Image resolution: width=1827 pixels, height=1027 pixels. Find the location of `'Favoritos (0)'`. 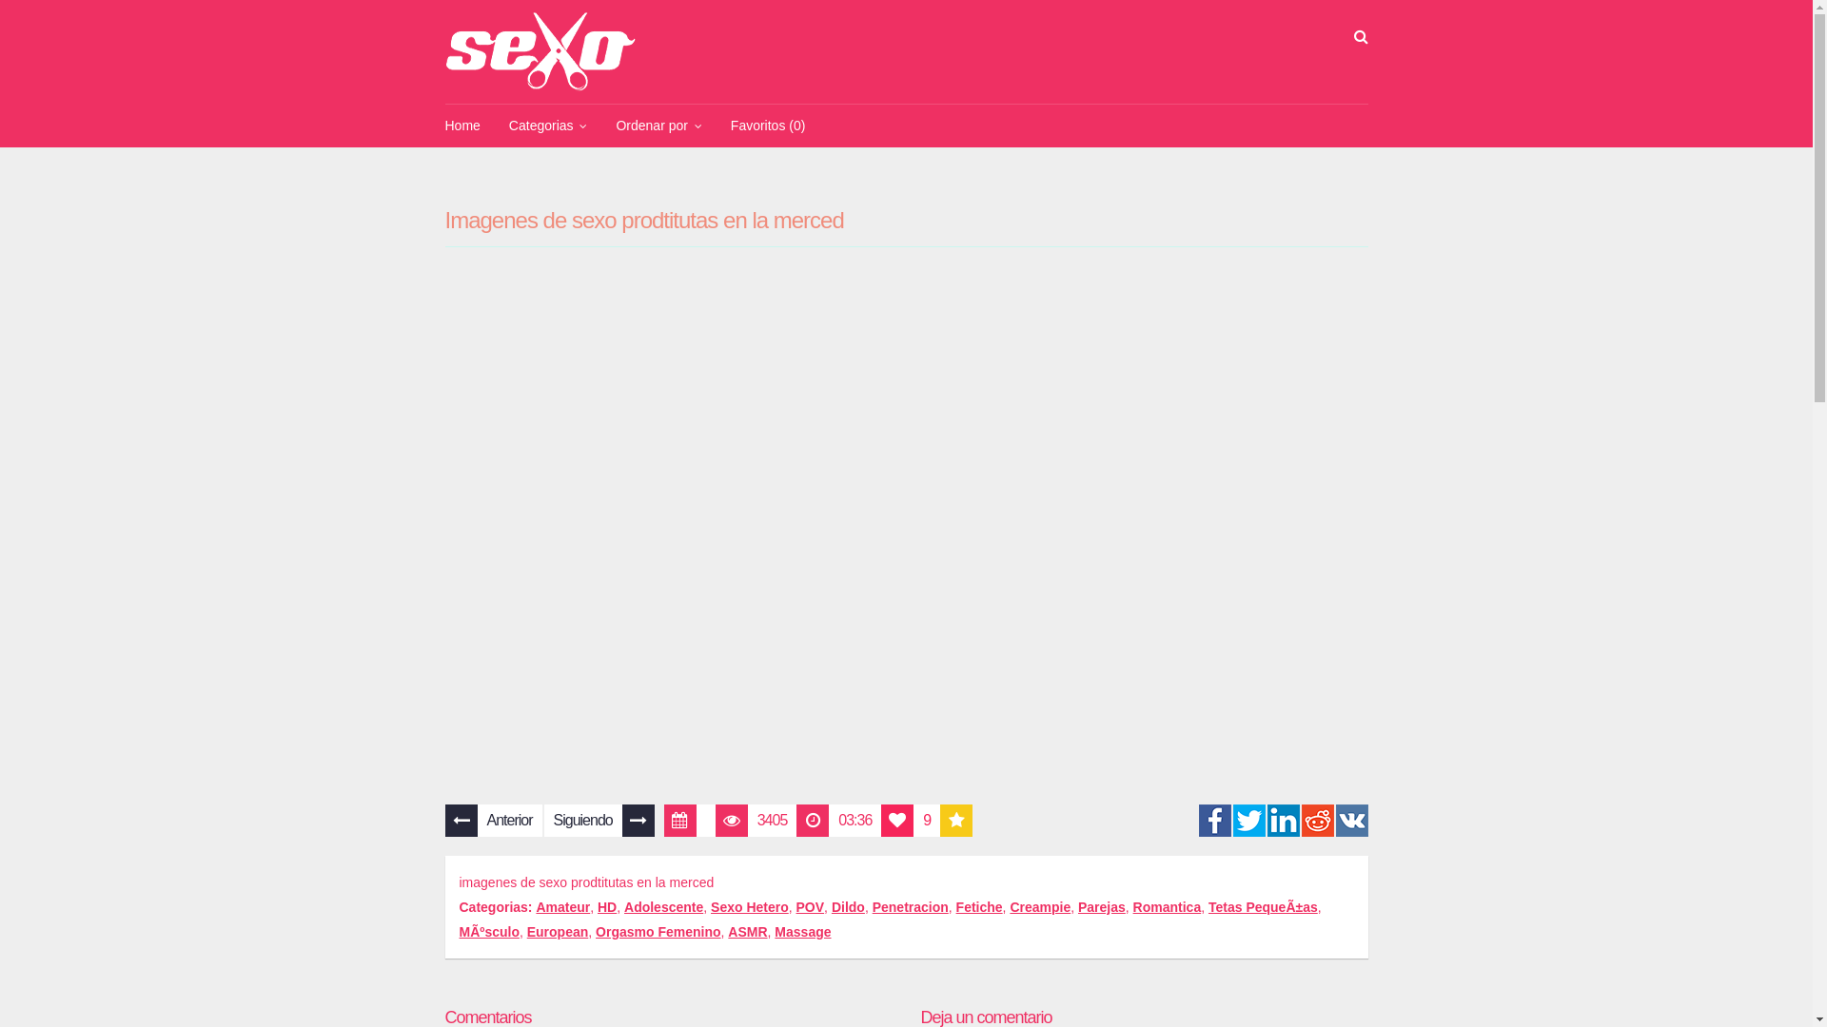

'Favoritos (0)' is located at coordinates (768, 126).